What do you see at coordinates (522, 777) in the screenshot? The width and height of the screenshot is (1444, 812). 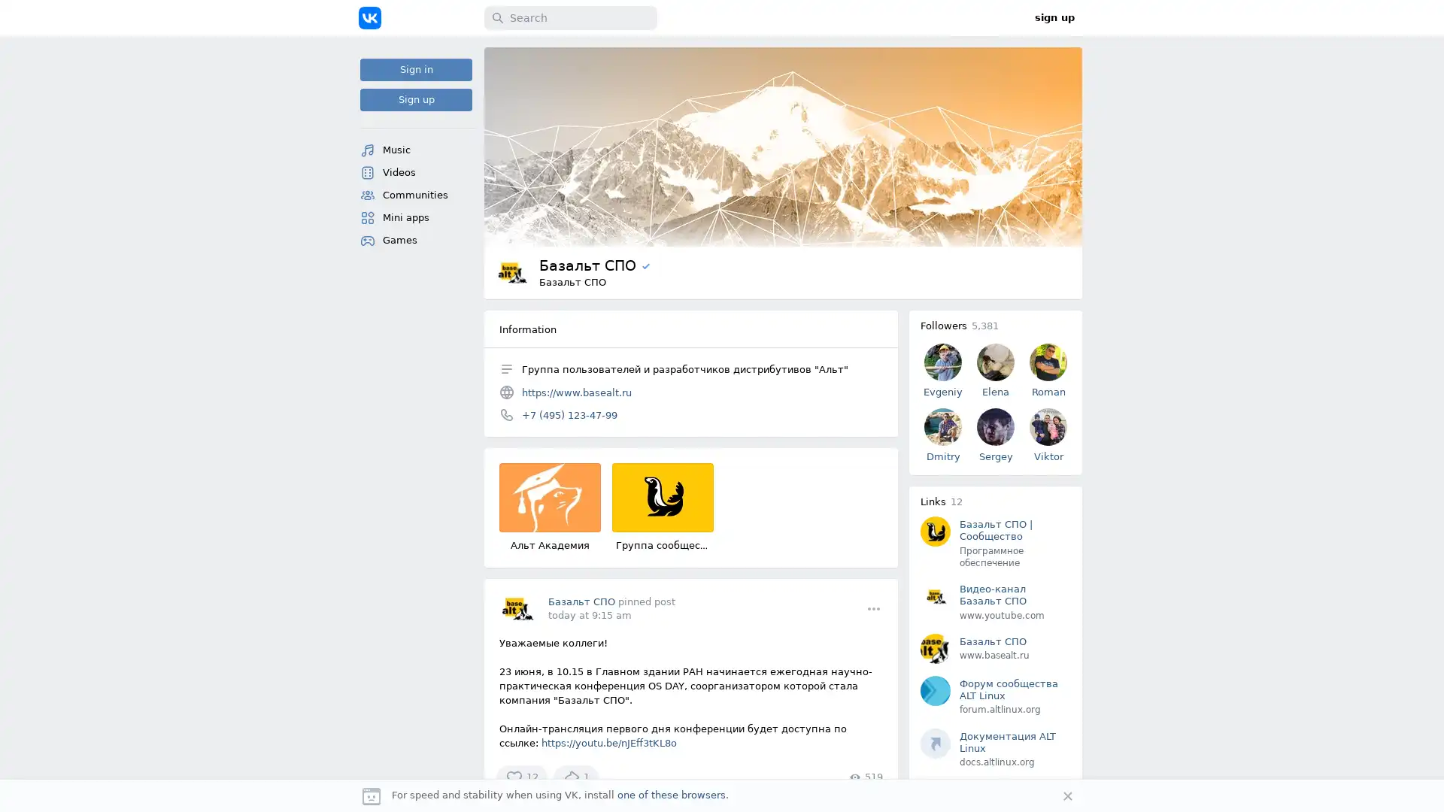 I see `Send reaction Like` at bounding box center [522, 777].